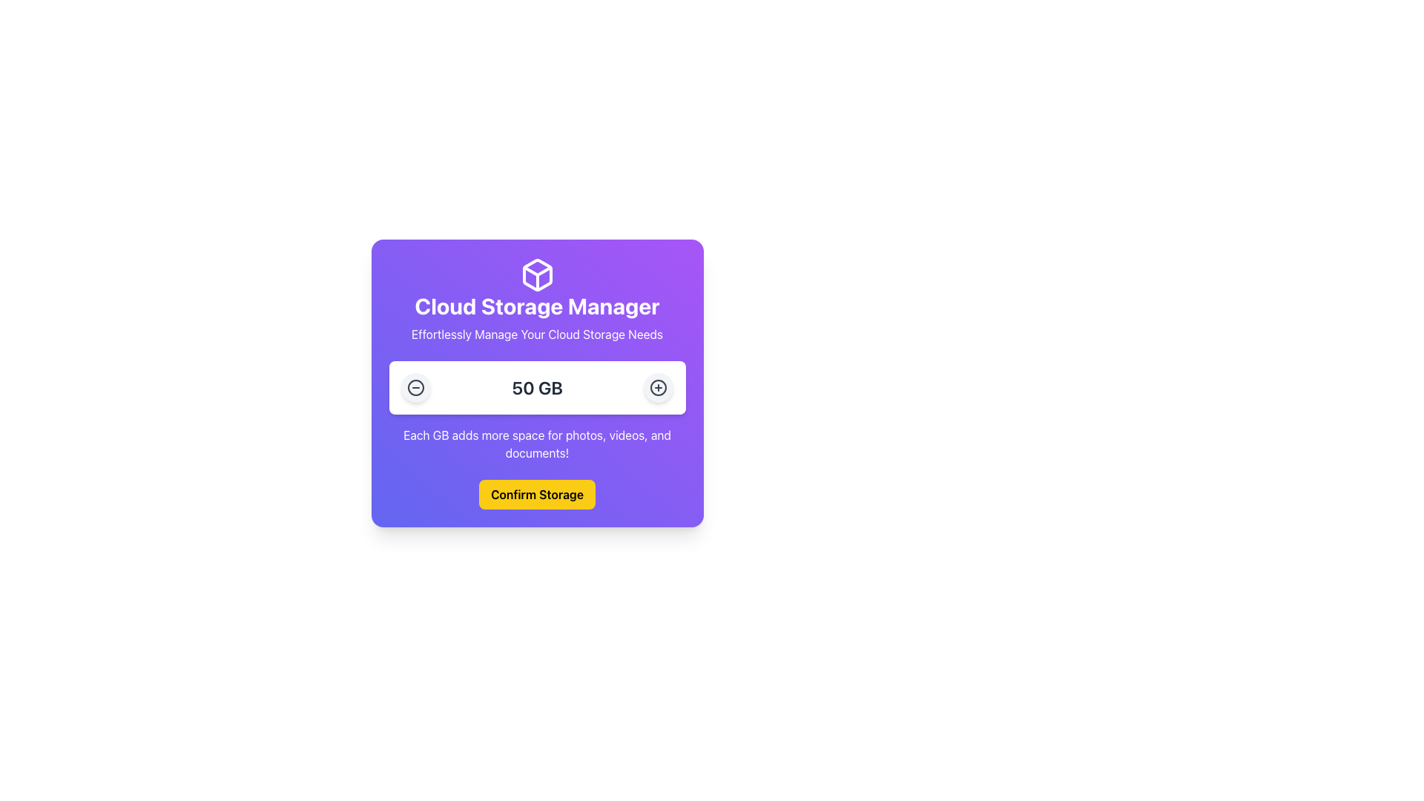  What do you see at coordinates (415, 387) in the screenshot?
I see `the circular decrement button with a minus sign to observe the hover effect` at bounding box center [415, 387].